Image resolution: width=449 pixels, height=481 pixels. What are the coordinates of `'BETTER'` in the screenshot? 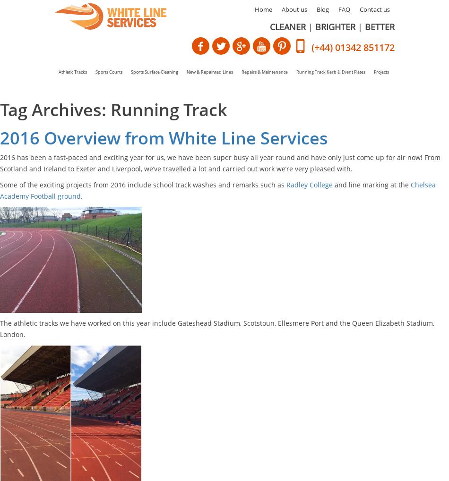 It's located at (364, 26).